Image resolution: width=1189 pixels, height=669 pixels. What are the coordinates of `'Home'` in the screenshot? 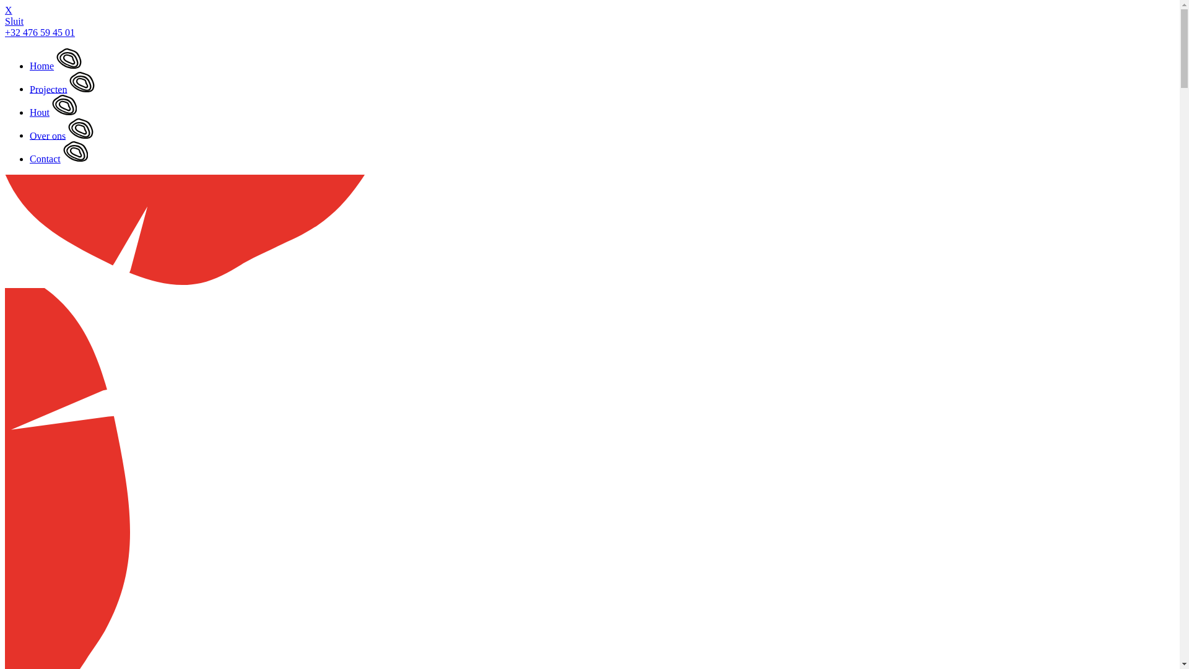 It's located at (30, 66).